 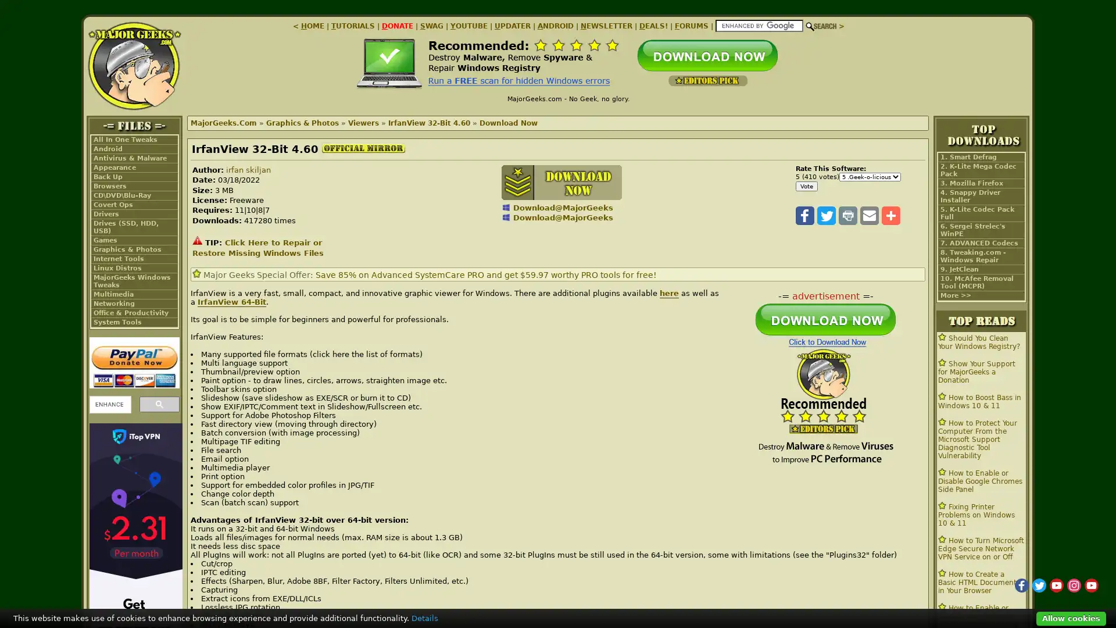 What do you see at coordinates (804, 215) in the screenshot?
I see `Share to Facebook` at bounding box center [804, 215].